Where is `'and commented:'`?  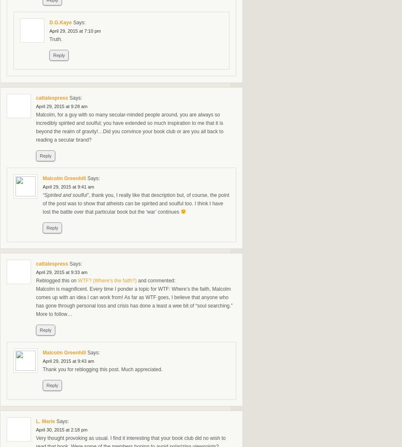
'and commented:' is located at coordinates (155, 280).